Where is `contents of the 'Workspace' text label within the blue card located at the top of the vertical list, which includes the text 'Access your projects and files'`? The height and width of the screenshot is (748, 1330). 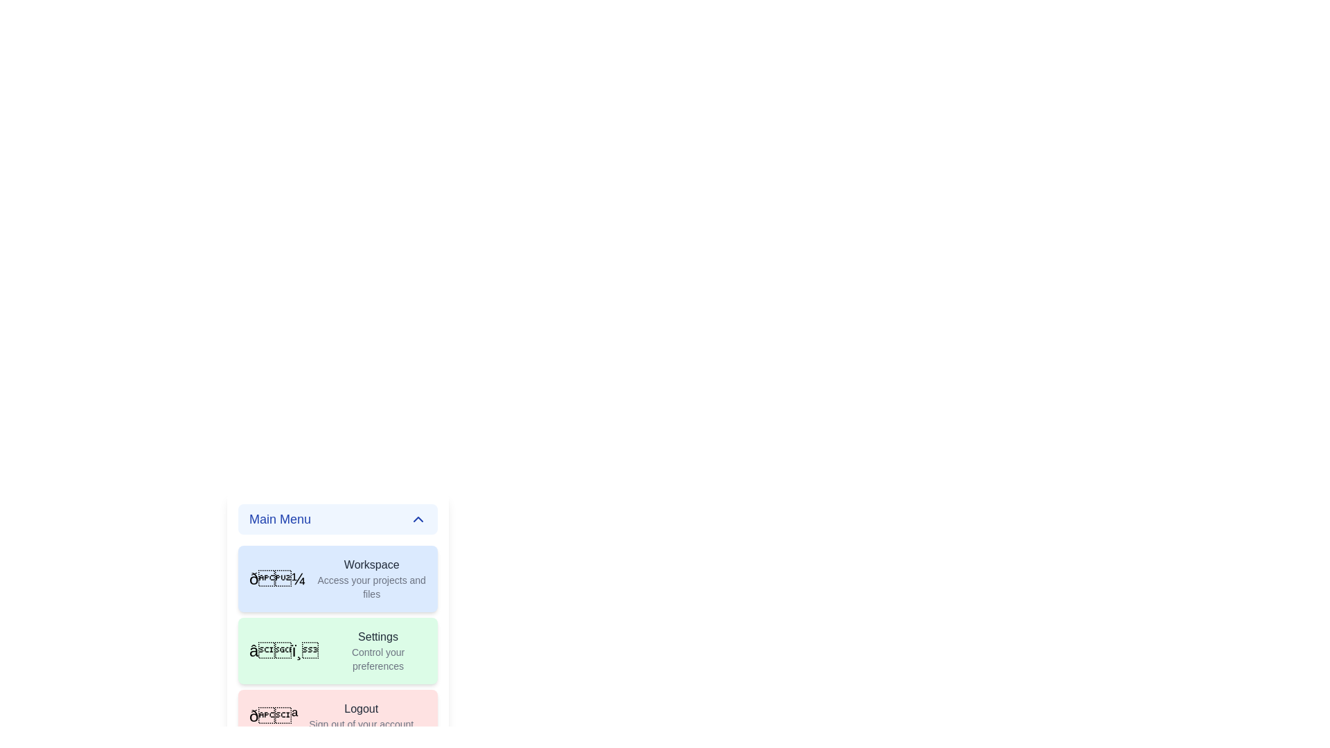
contents of the 'Workspace' text label within the blue card located at the top of the vertical list, which includes the text 'Access your projects and files' is located at coordinates (371, 579).